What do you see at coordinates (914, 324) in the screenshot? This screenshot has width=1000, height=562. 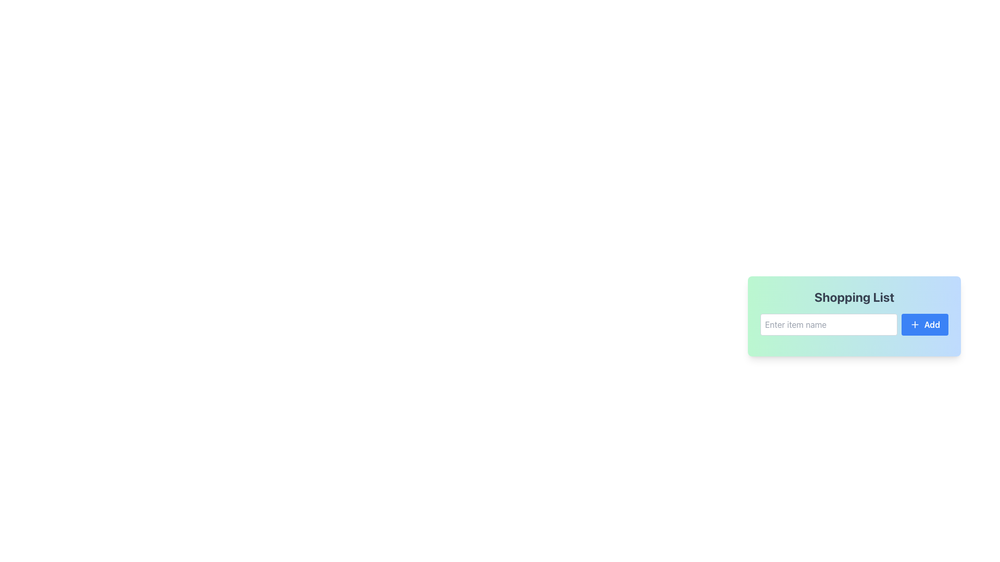 I see `the plus sign icon located within the 'Add' button at the bottom right of the shopping list panel, next to the text 'Add'` at bounding box center [914, 324].